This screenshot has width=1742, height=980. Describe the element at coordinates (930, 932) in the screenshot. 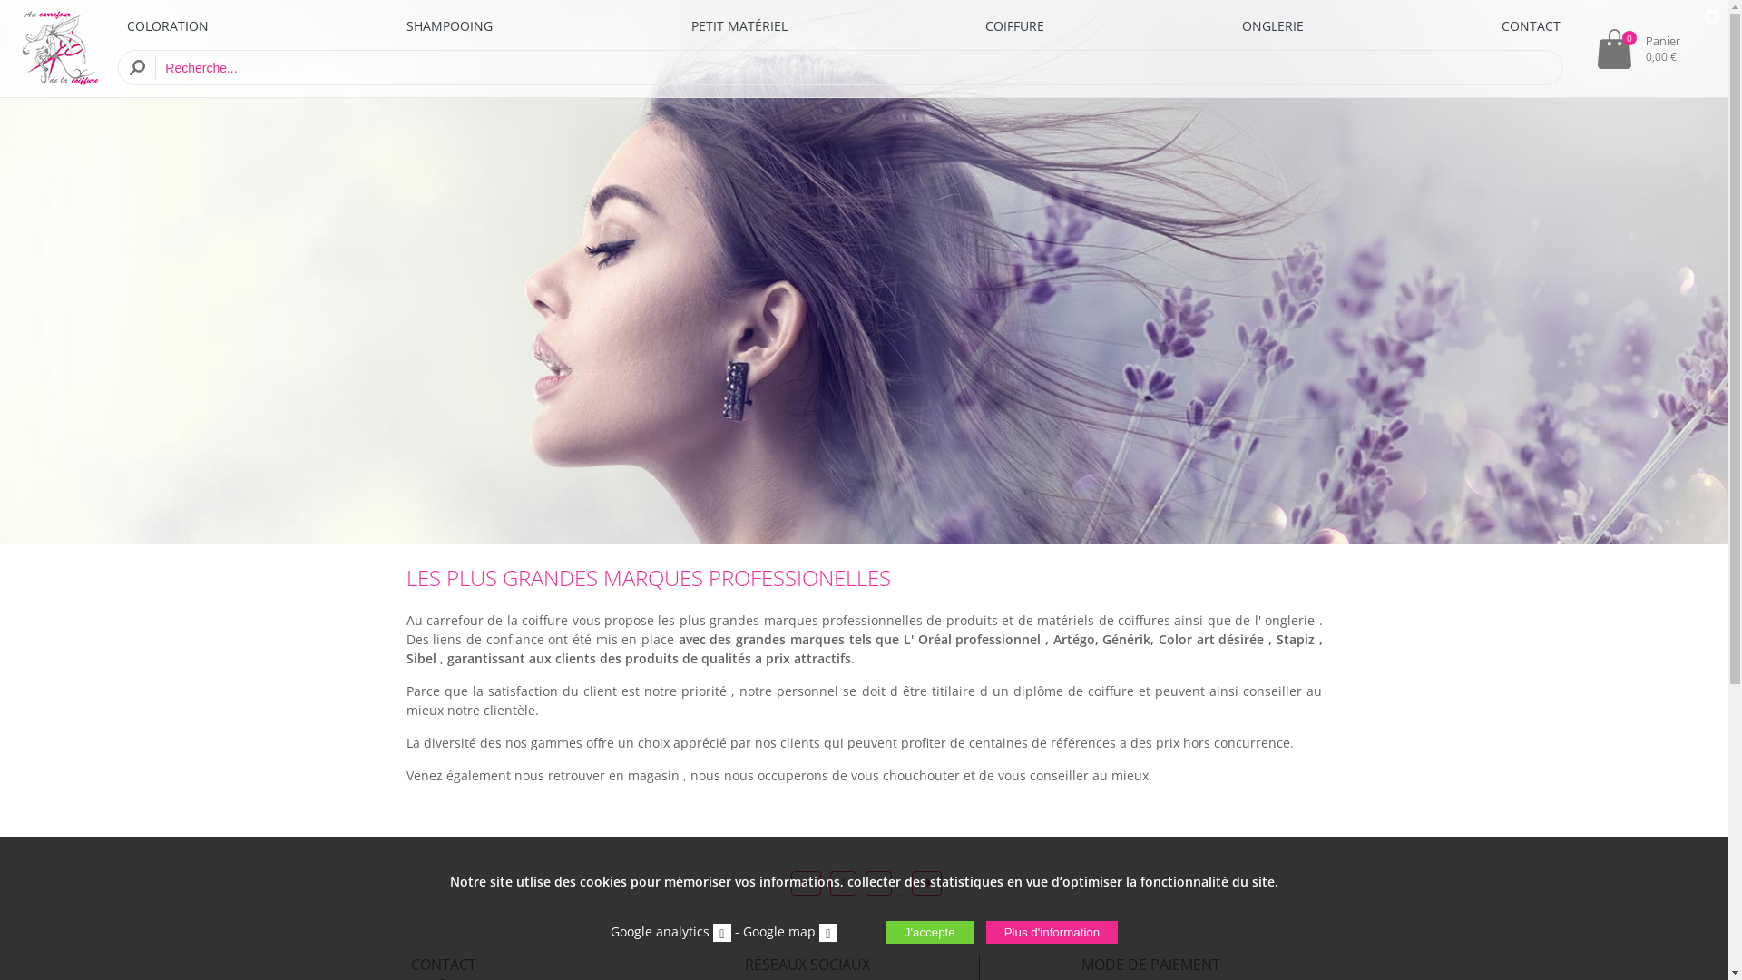

I see `'J'accepte'` at that location.